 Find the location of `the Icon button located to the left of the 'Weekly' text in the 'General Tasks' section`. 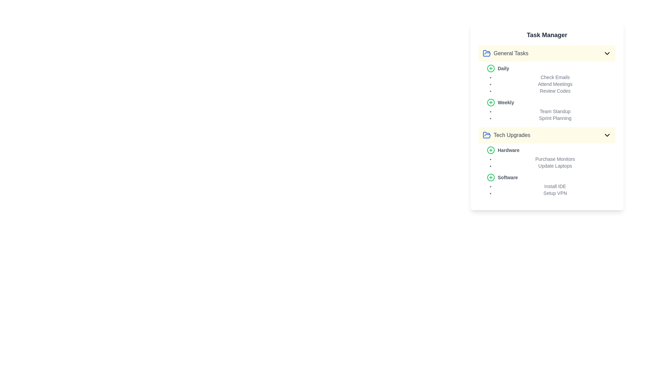

the Icon button located to the left of the 'Weekly' text in the 'General Tasks' section is located at coordinates (491, 102).